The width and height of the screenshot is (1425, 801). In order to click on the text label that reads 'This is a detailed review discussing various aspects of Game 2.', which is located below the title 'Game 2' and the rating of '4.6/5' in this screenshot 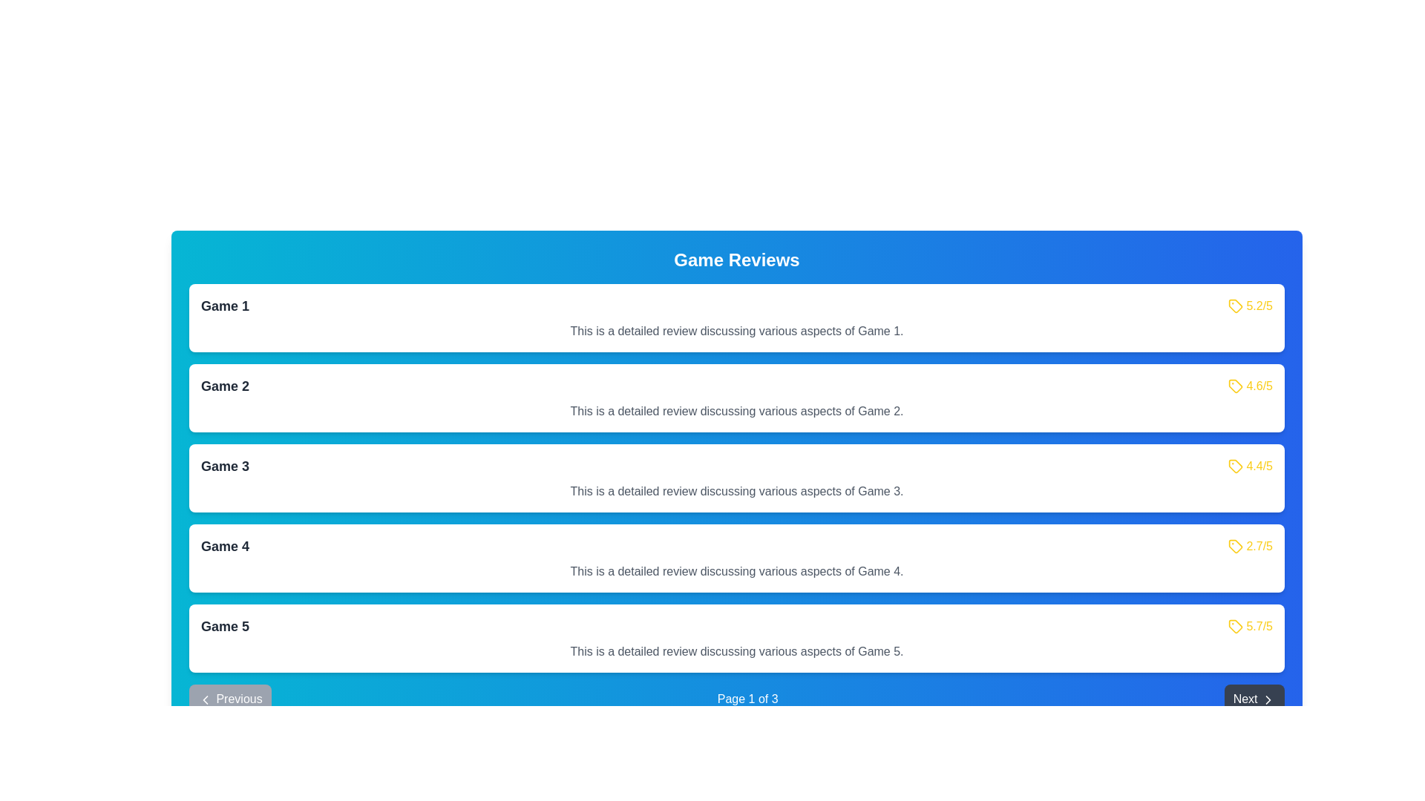, I will do `click(737, 412)`.